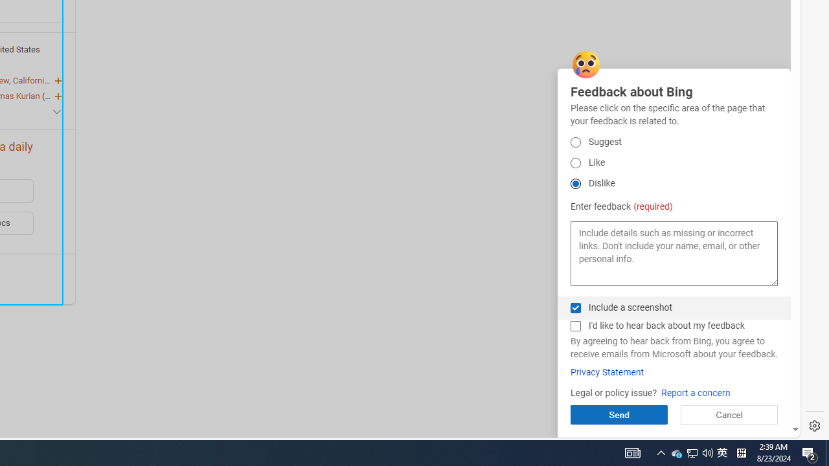 This screenshot has width=829, height=466. What do you see at coordinates (574, 142) in the screenshot?
I see `'Suggest'` at bounding box center [574, 142].